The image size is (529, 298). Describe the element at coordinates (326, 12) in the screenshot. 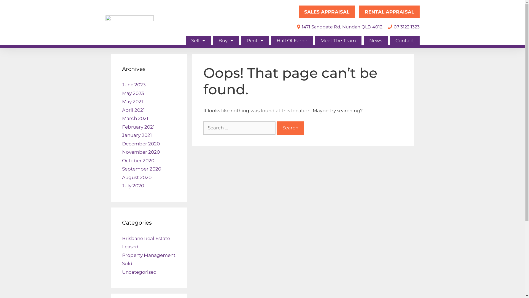

I see `'SALES APPRAISAL'` at that location.